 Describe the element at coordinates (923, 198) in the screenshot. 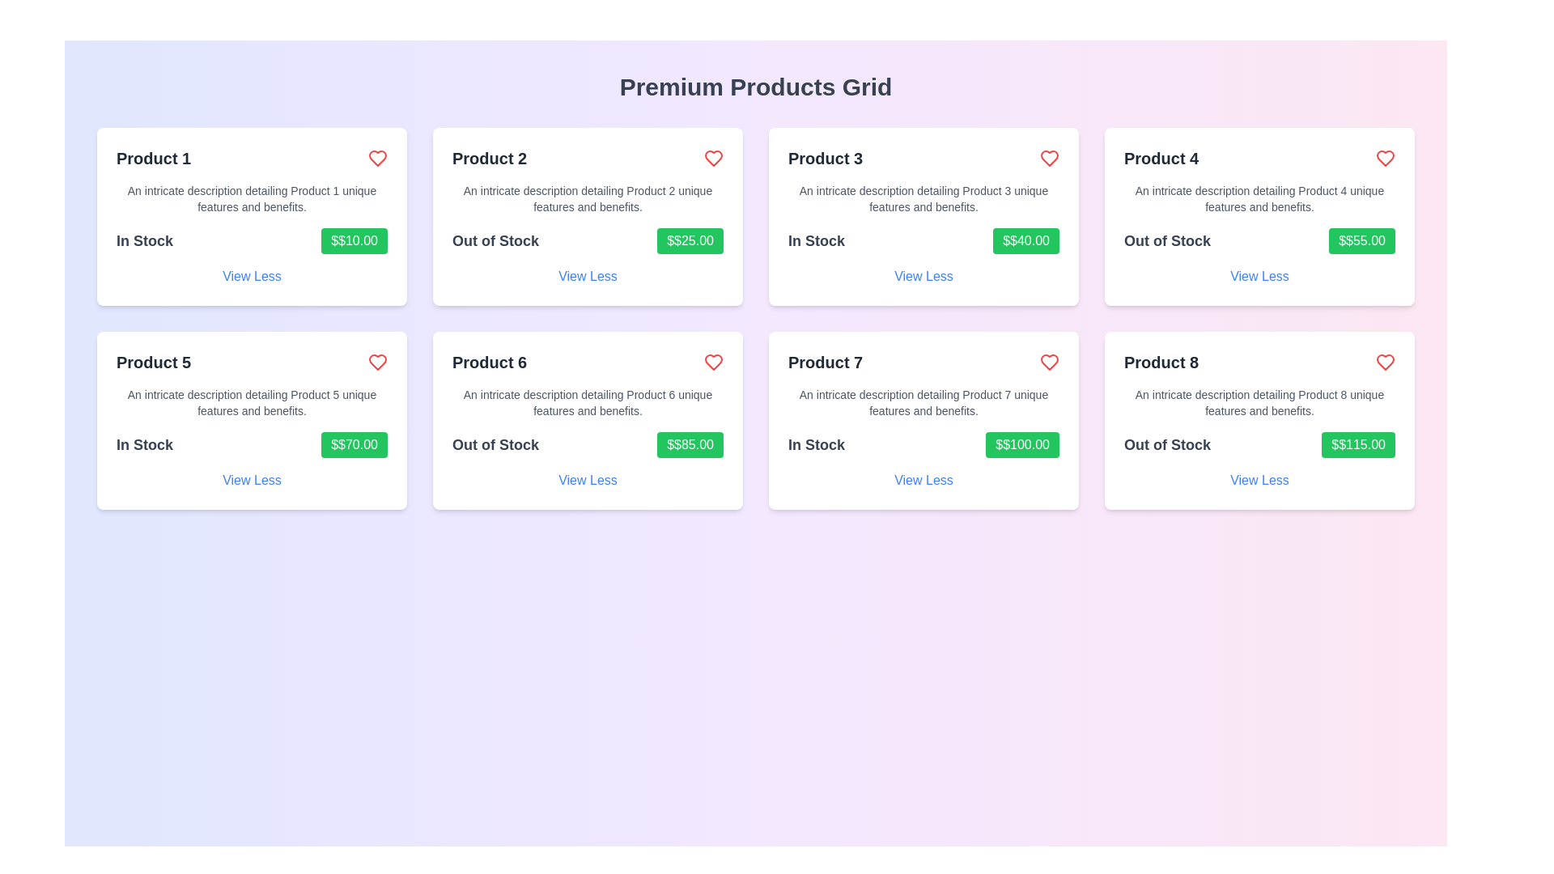

I see `the descriptive Text display for Product 3, located within the third product card in a grid layout, positioned between the title 'Product 3' and the stock and price information` at that location.